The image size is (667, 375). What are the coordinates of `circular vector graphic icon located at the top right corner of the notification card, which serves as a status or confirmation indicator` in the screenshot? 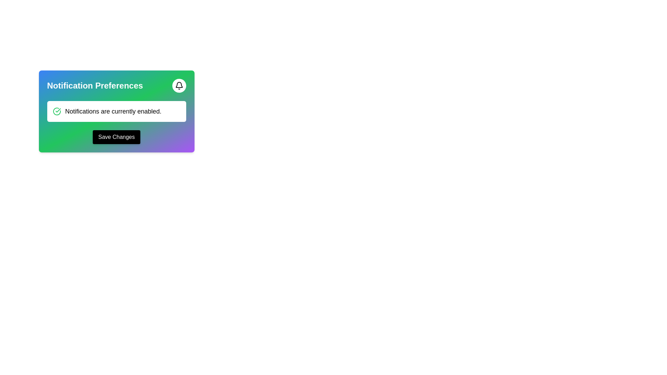 It's located at (57, 111).